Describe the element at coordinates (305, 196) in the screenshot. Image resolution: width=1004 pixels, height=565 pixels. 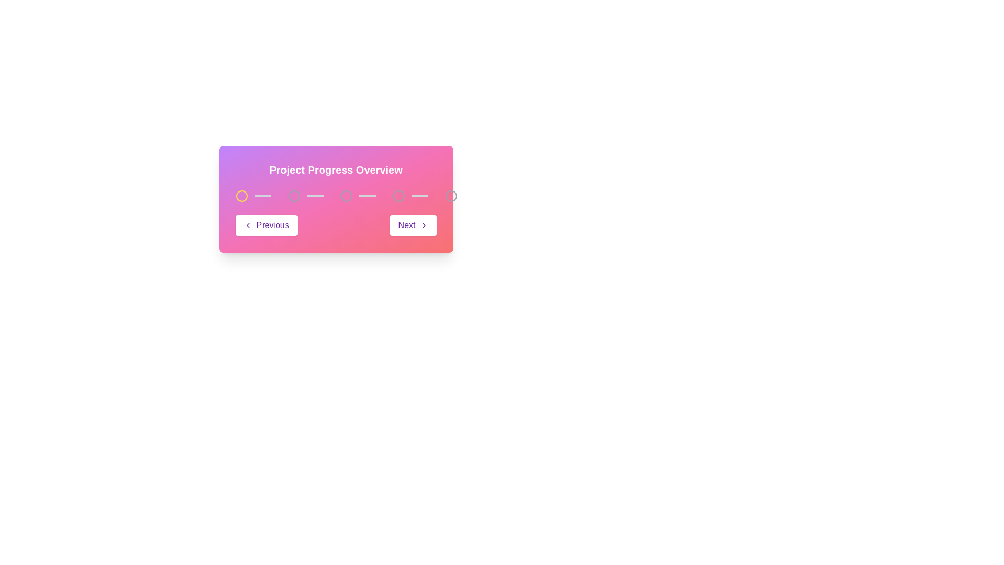
I see `the progress bar segment, which is the second in a sequence of similar components within the 'Project Progress Overview' section, visually represented by a light gray filled rectangular shape adjacent to a circular outline icon` at that location.